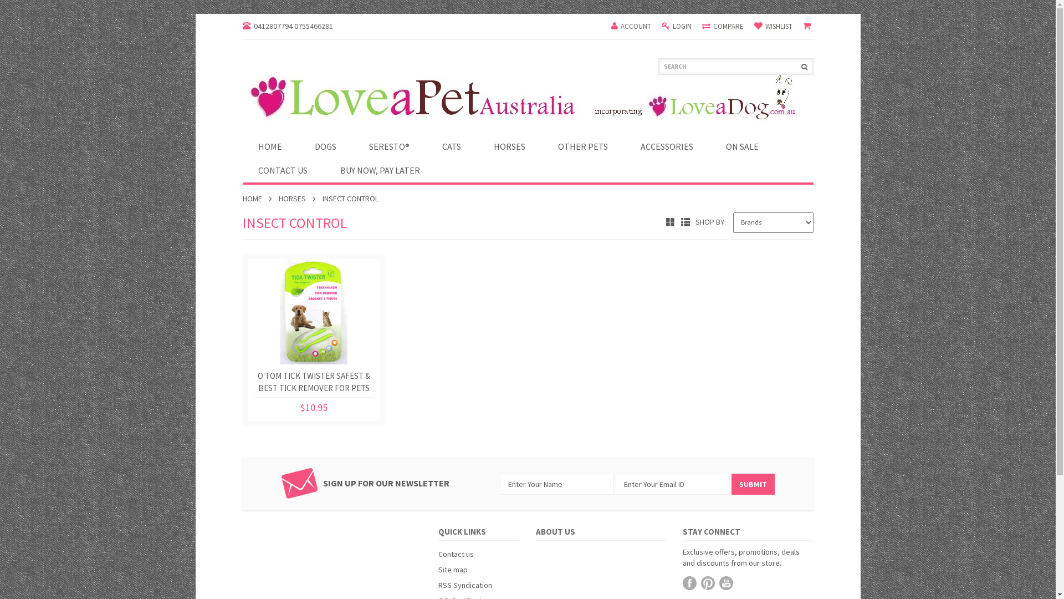  Describe the element at coordinates (753, 26) in the screenshot. I see `'WISHLIST'` at that location.